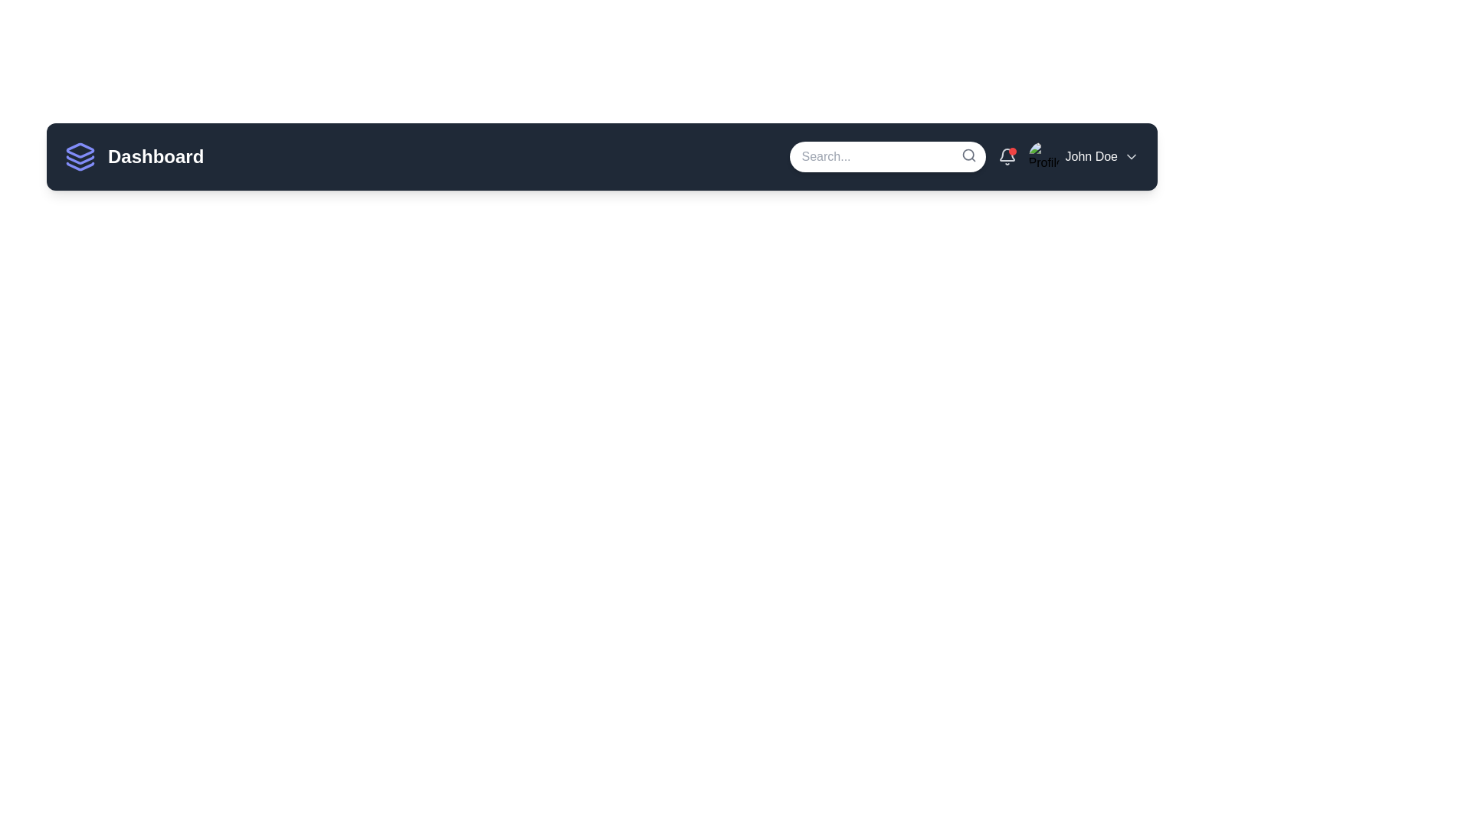 The image size is (1471, 827). I want to click on the user profile menu trigger located in the top-right corner of the navigation bar to see user details, so click(1083, 156).